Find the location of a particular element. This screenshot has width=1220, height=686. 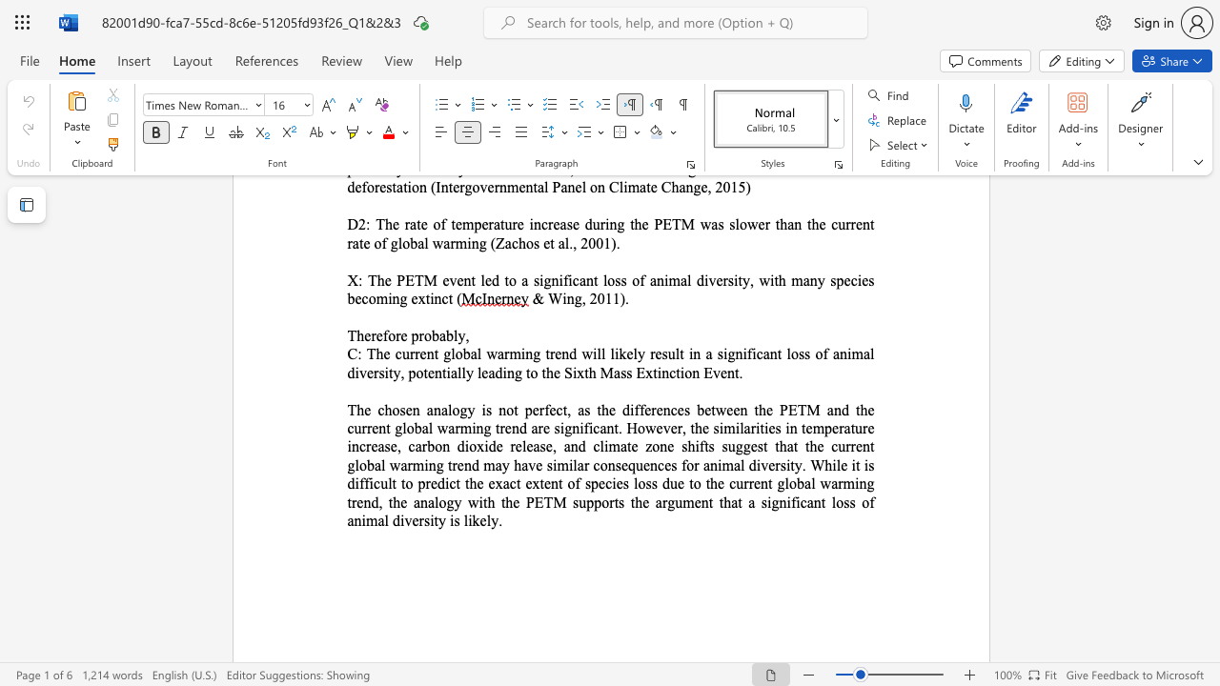

the subset text "al" within the text "The chosen analogy is not perfect, as the differences between the PETM and the current global warming trend are" is located at coordinates (420, 427).